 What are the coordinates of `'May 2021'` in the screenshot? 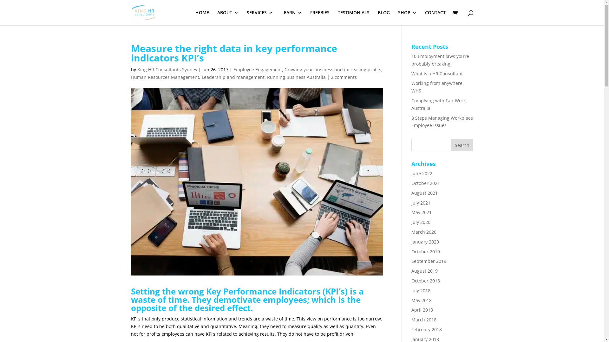 It's located at (411, 212).